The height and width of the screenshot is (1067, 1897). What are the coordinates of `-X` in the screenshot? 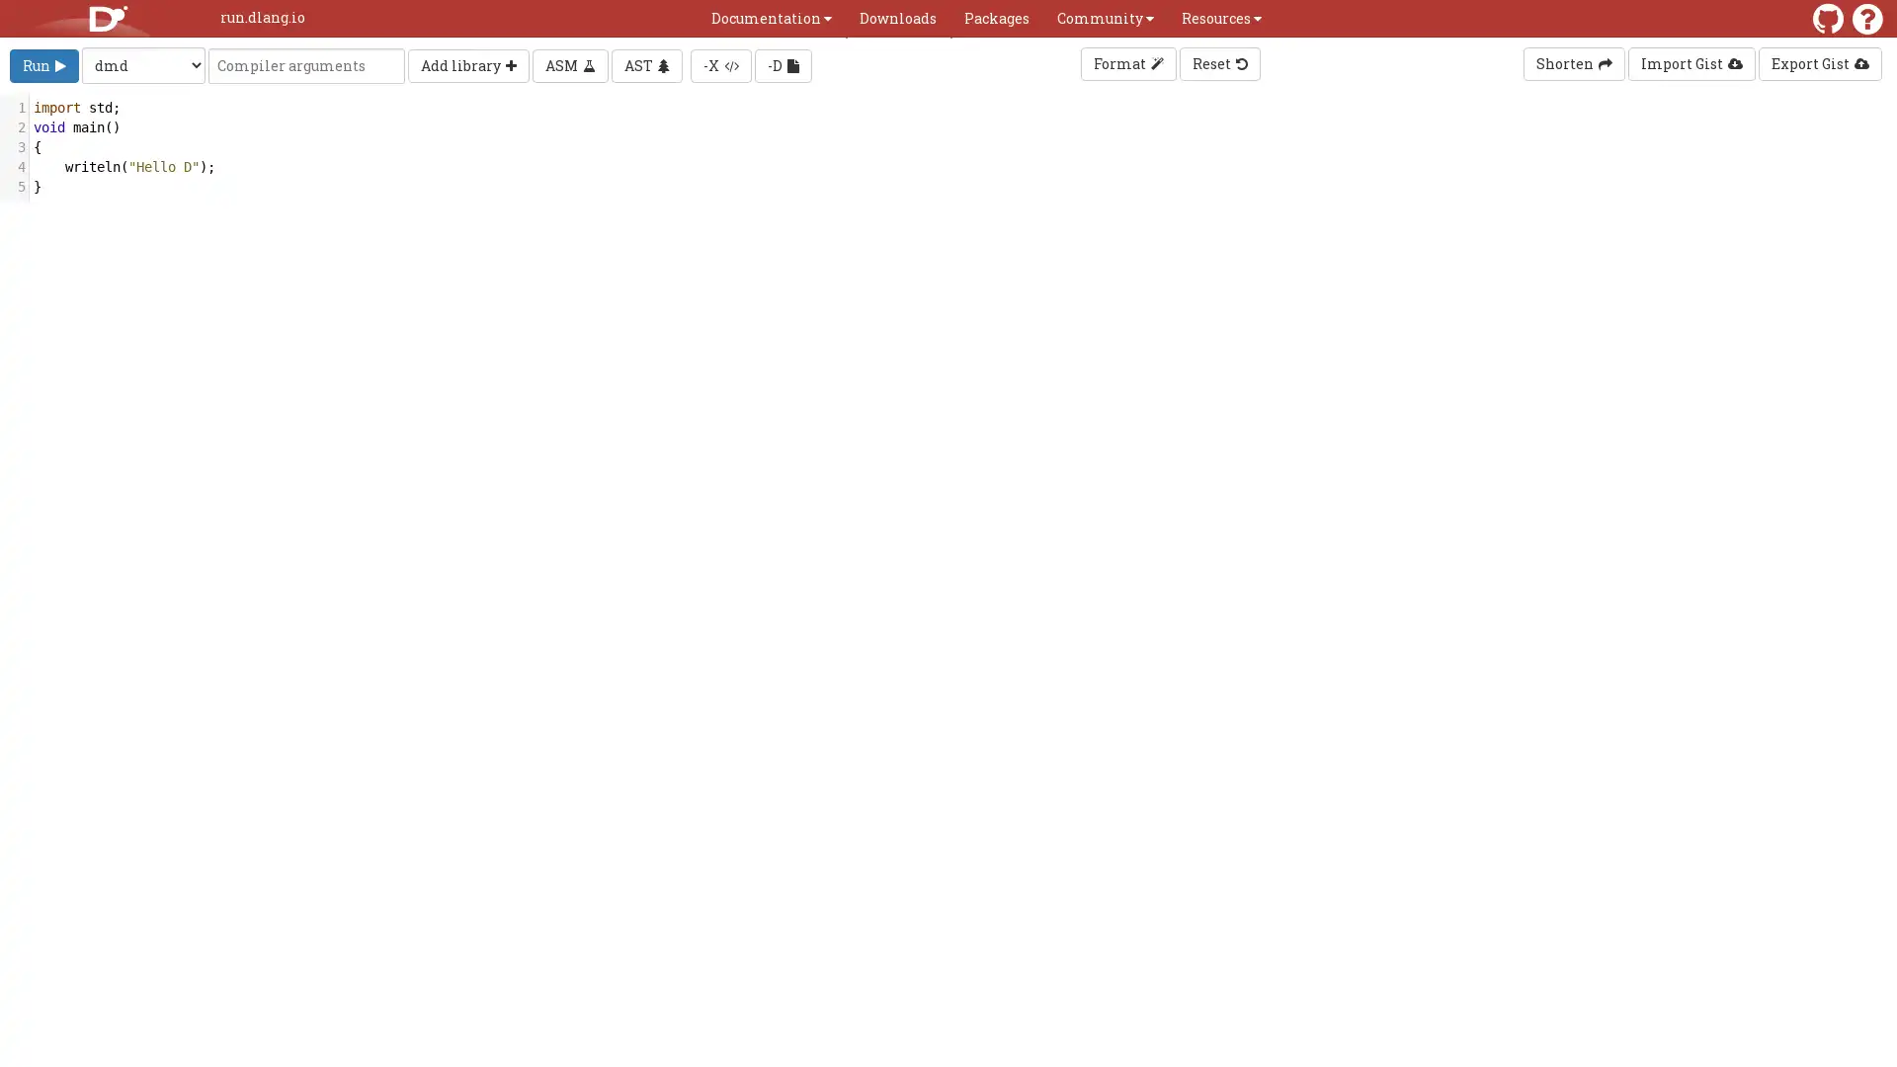 It's located at (719, 63).